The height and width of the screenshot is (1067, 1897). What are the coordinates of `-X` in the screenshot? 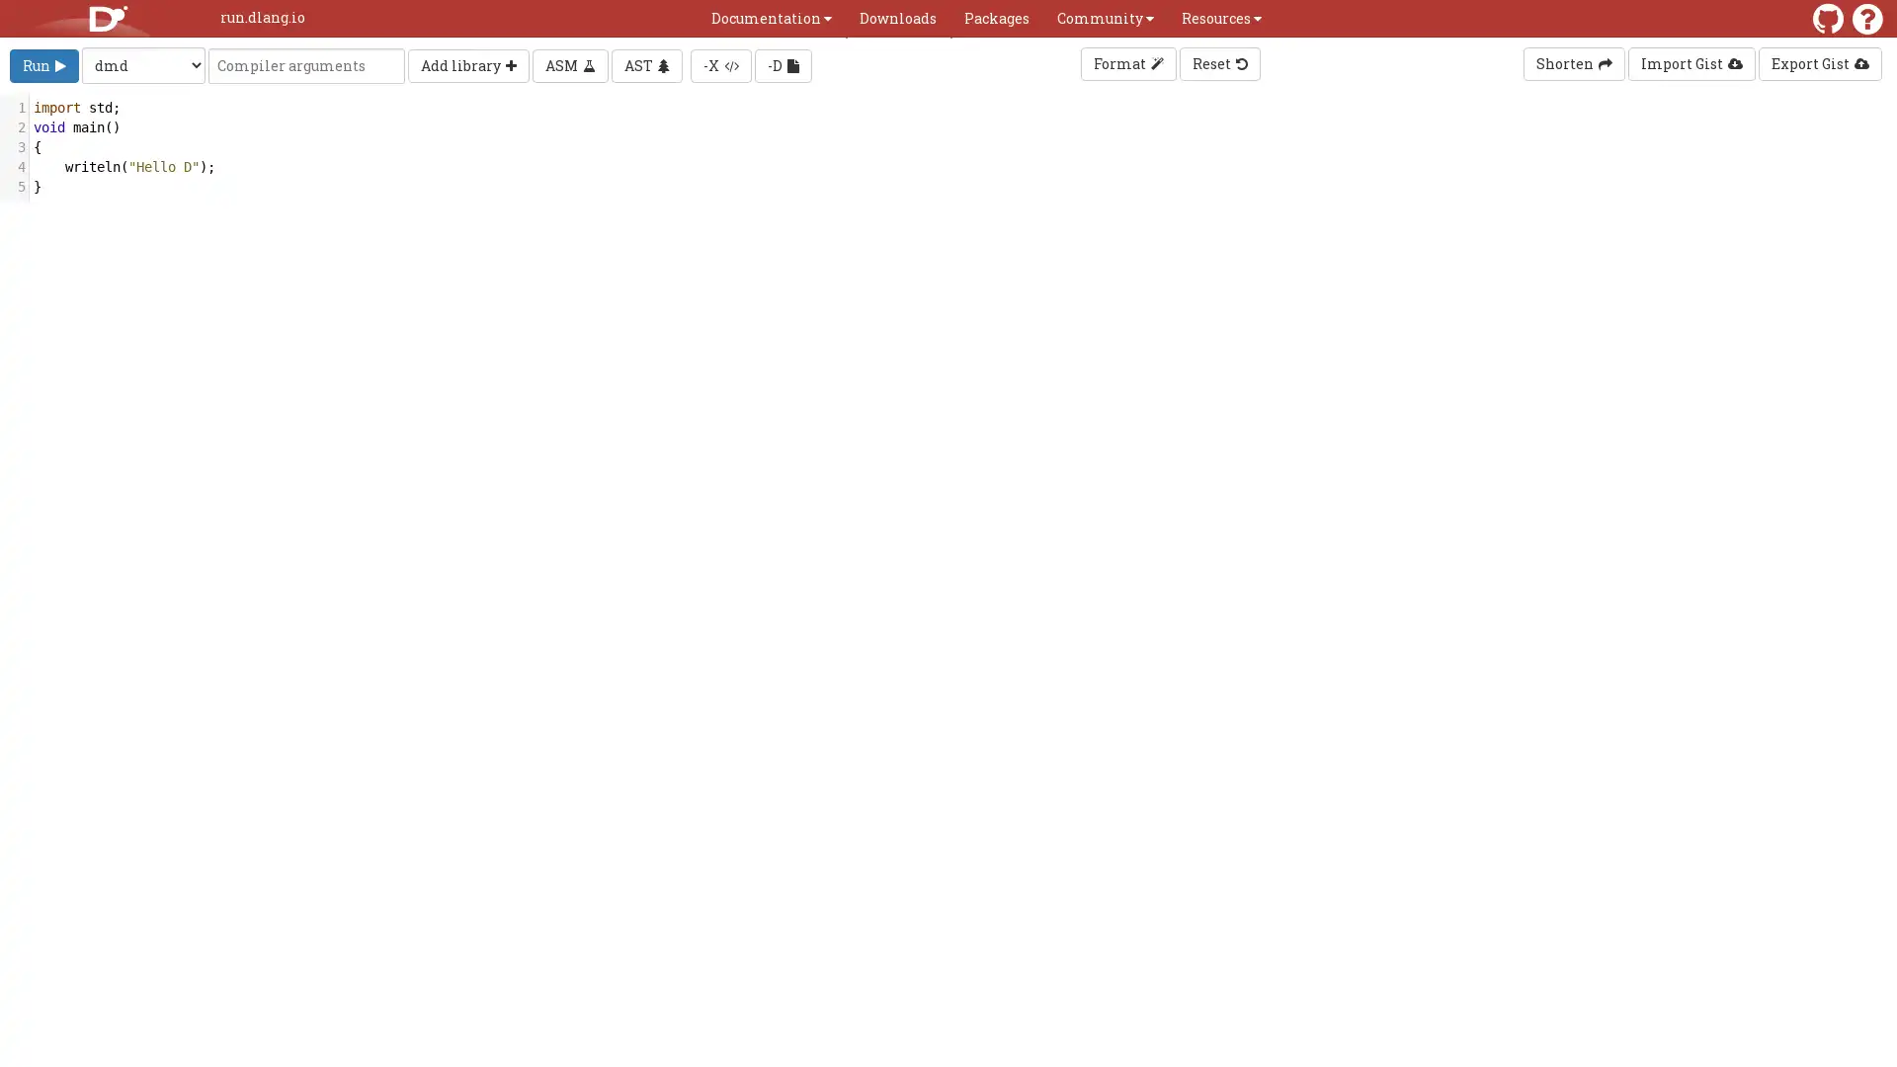 It's located at (719, 63).